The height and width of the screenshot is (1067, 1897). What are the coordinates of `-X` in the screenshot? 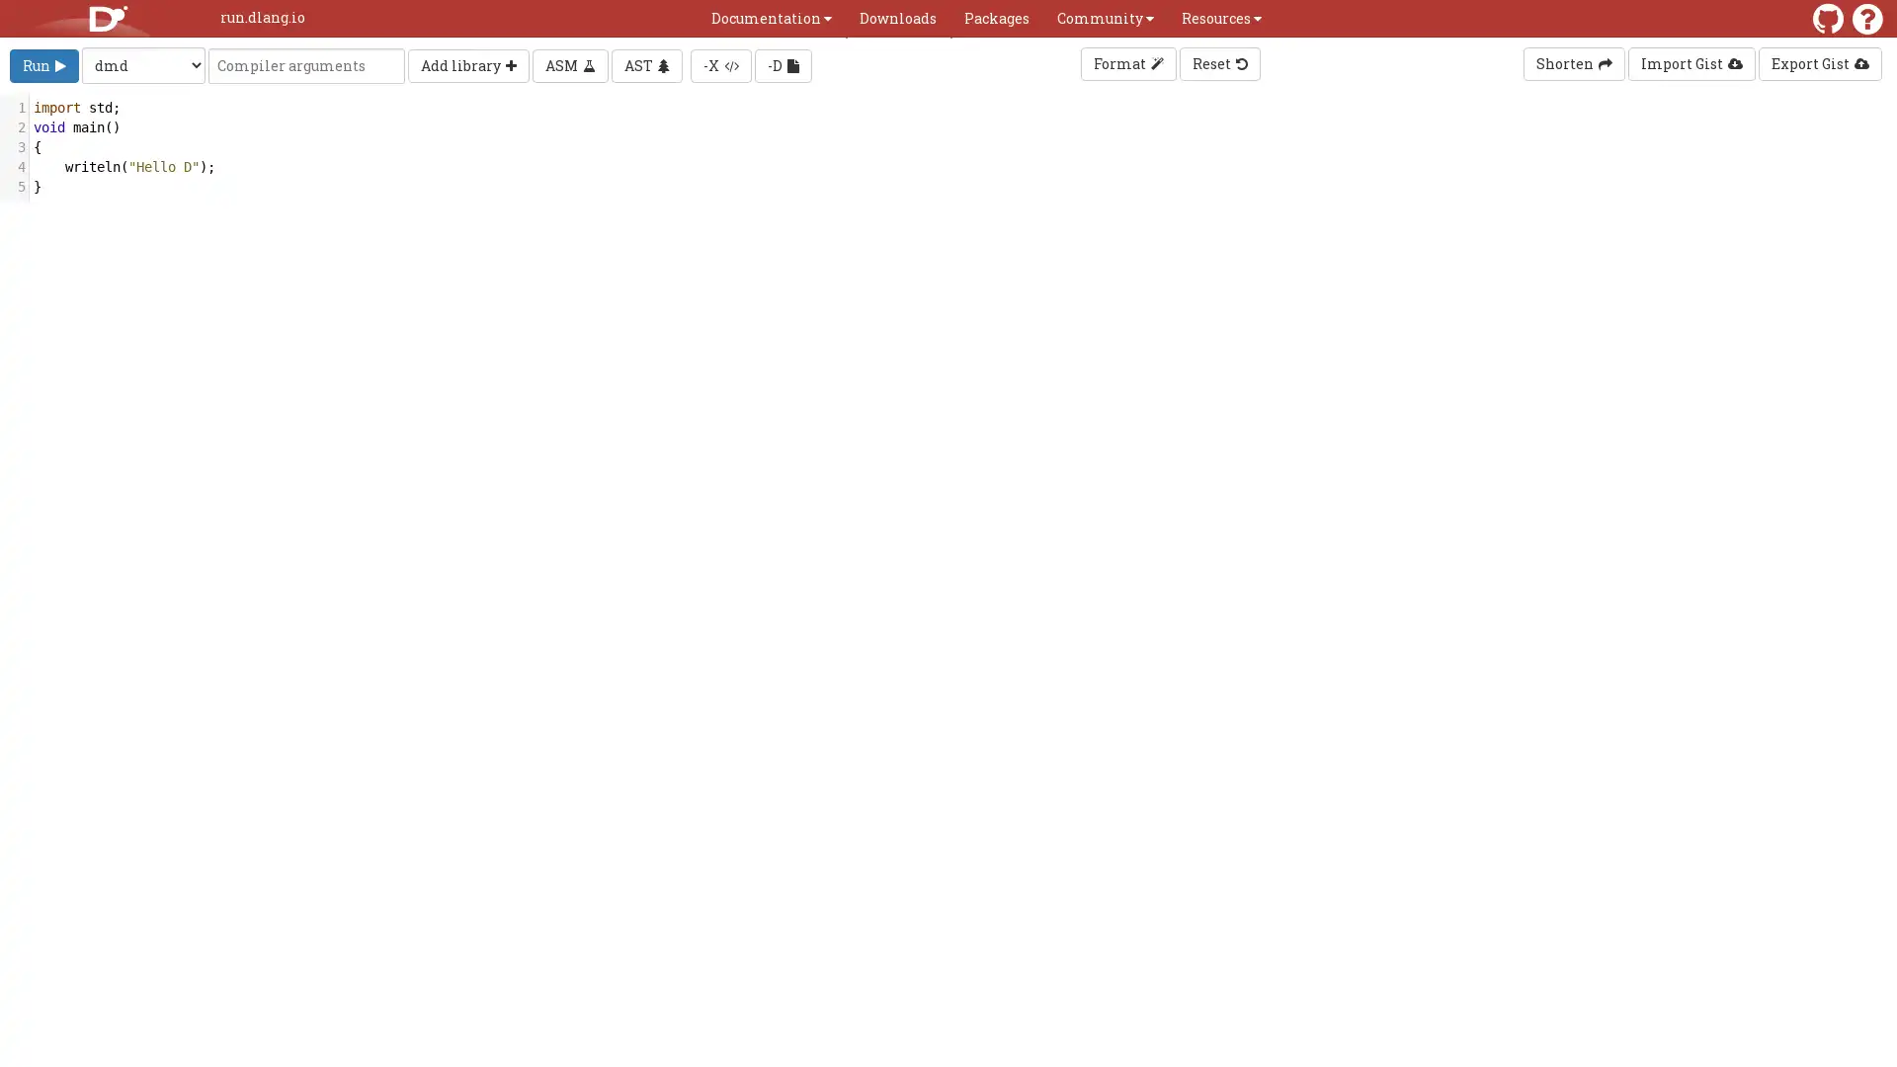 It's located at (719, 63).